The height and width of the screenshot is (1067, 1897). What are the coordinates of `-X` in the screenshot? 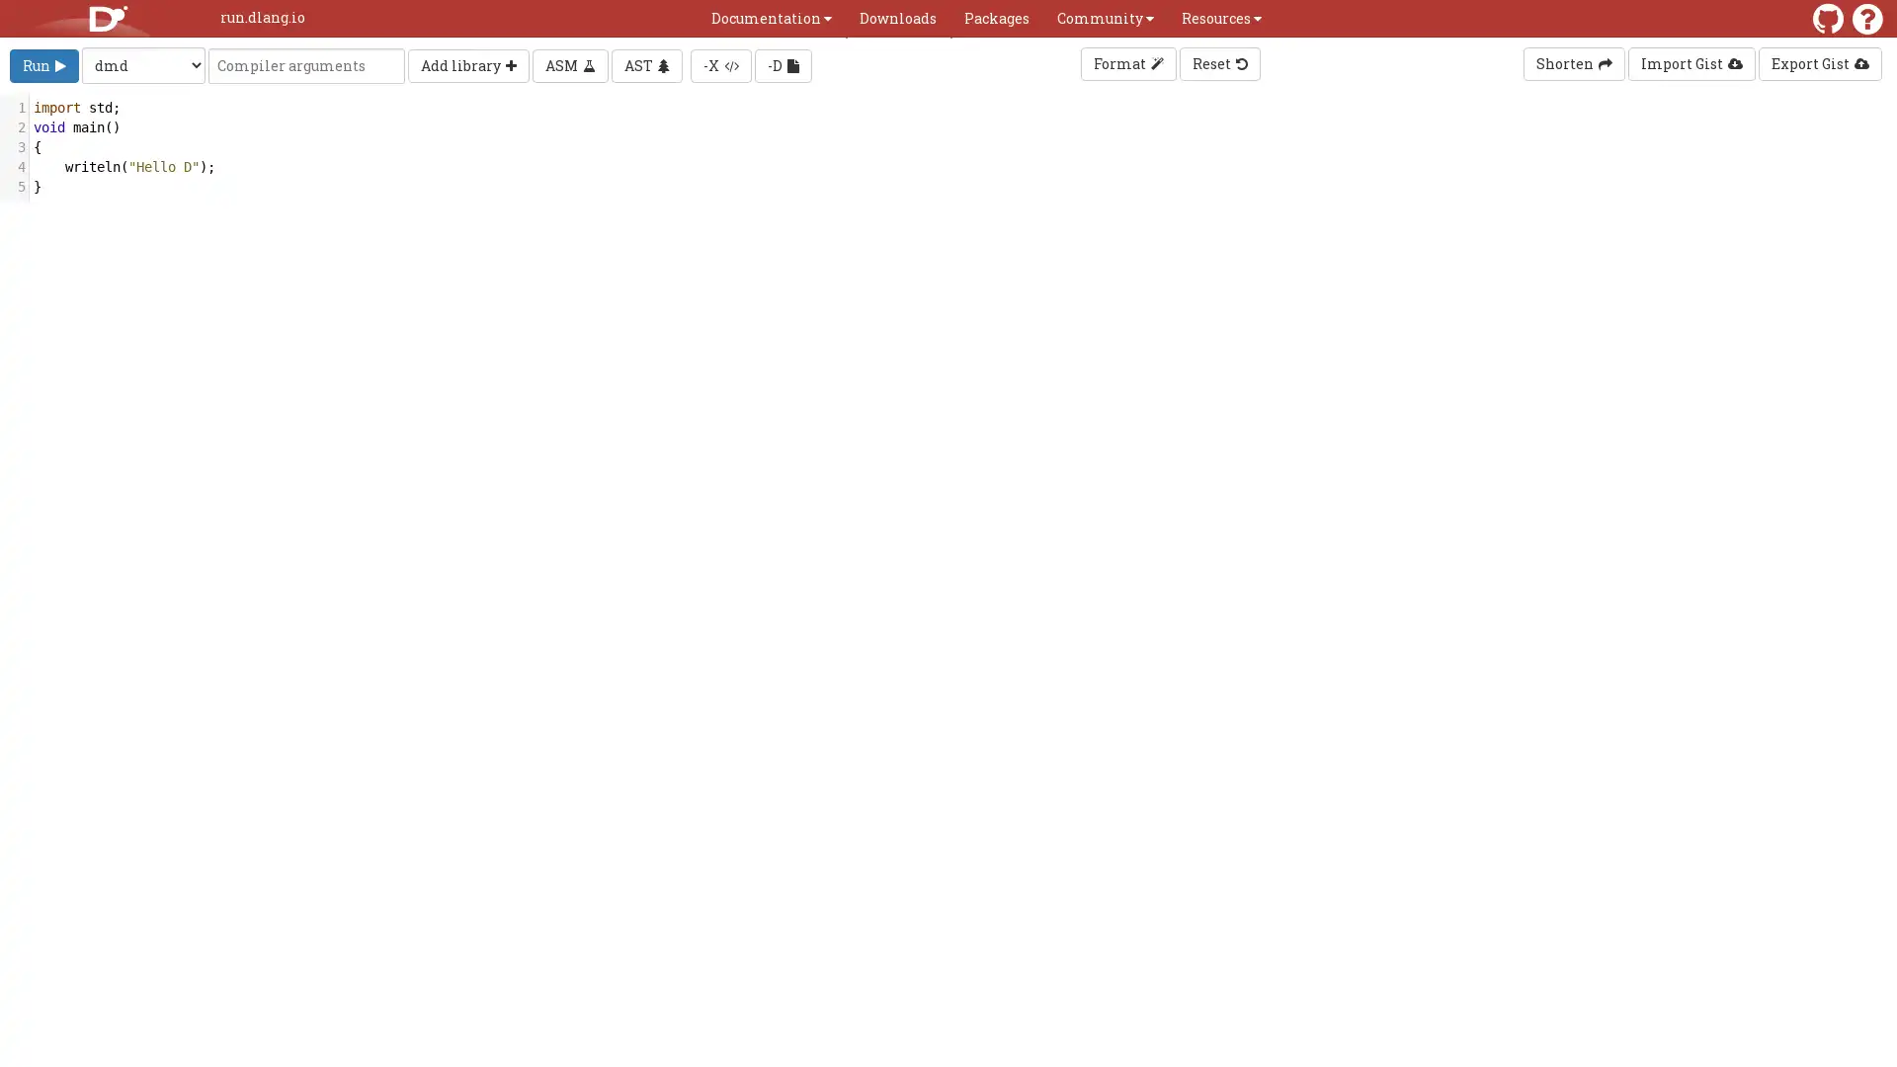 It's located at (719, 63).